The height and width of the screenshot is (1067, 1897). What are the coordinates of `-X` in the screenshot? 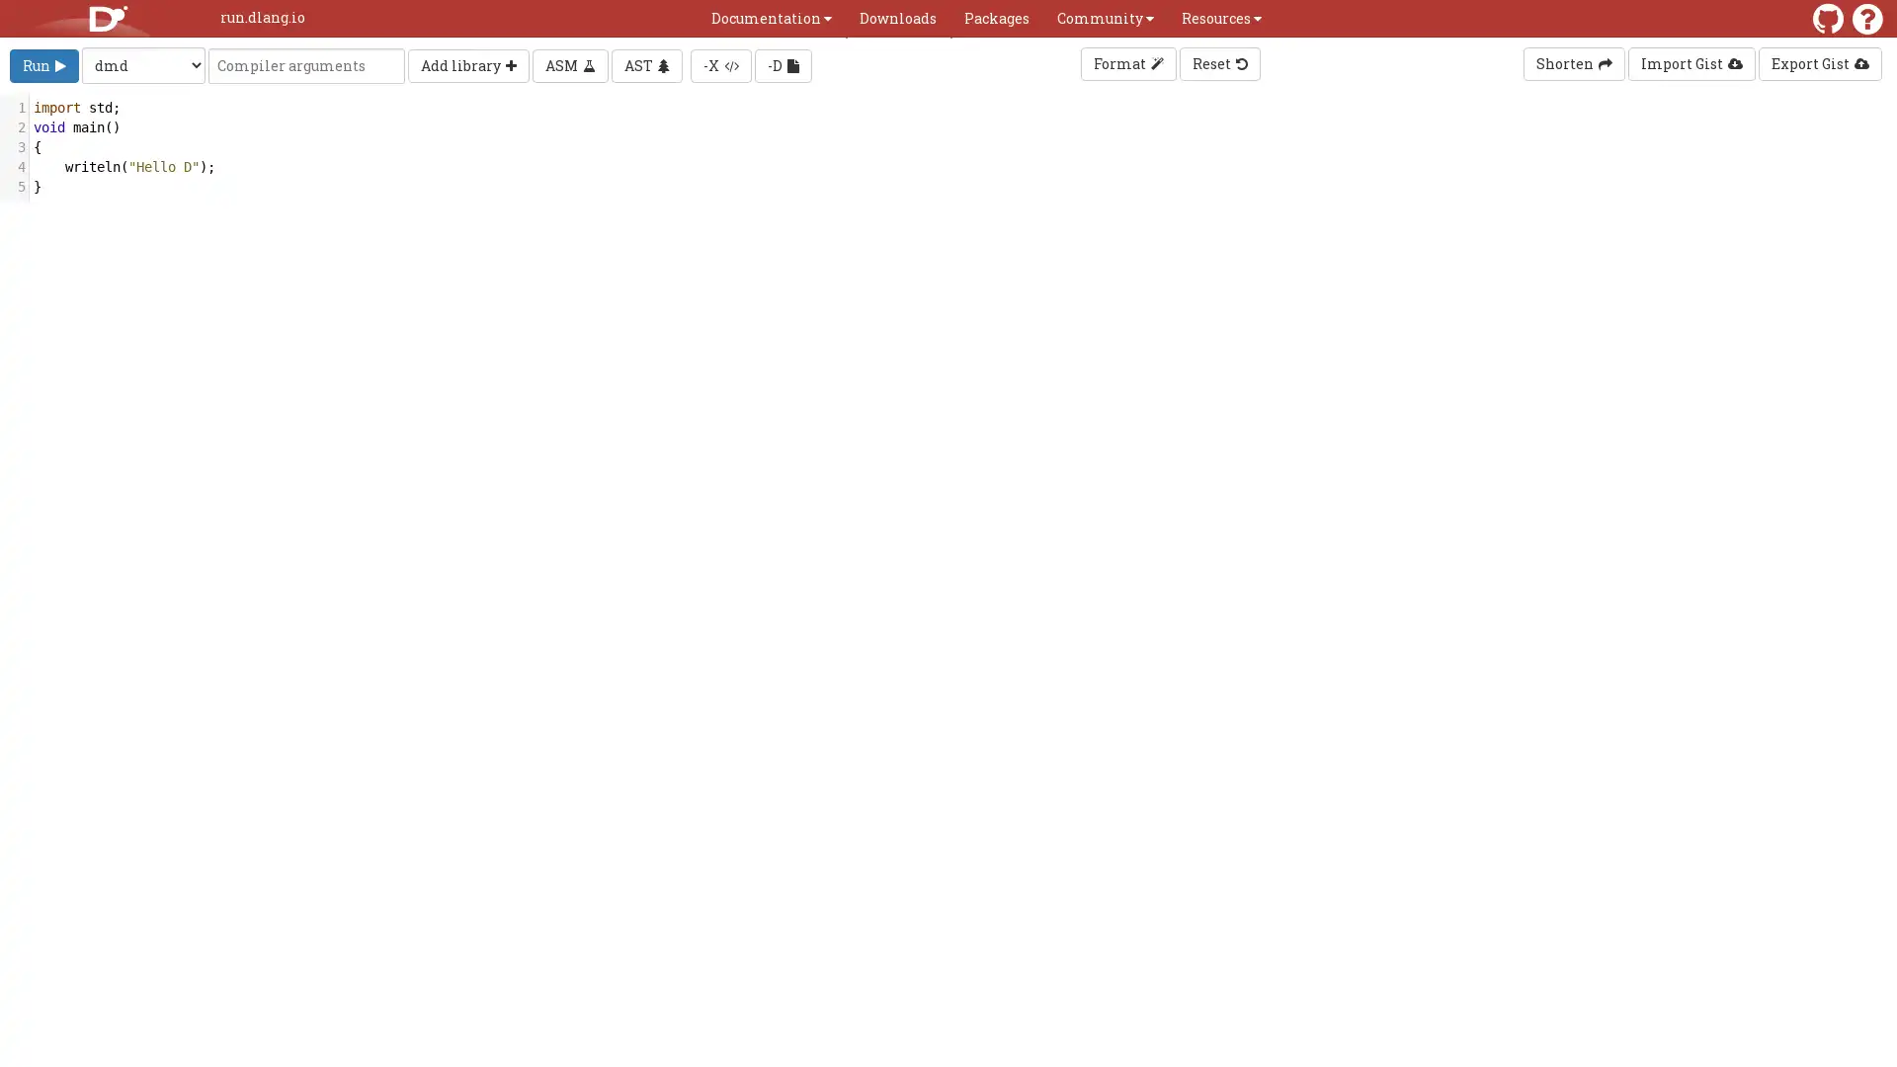 It's located at (719, 63).